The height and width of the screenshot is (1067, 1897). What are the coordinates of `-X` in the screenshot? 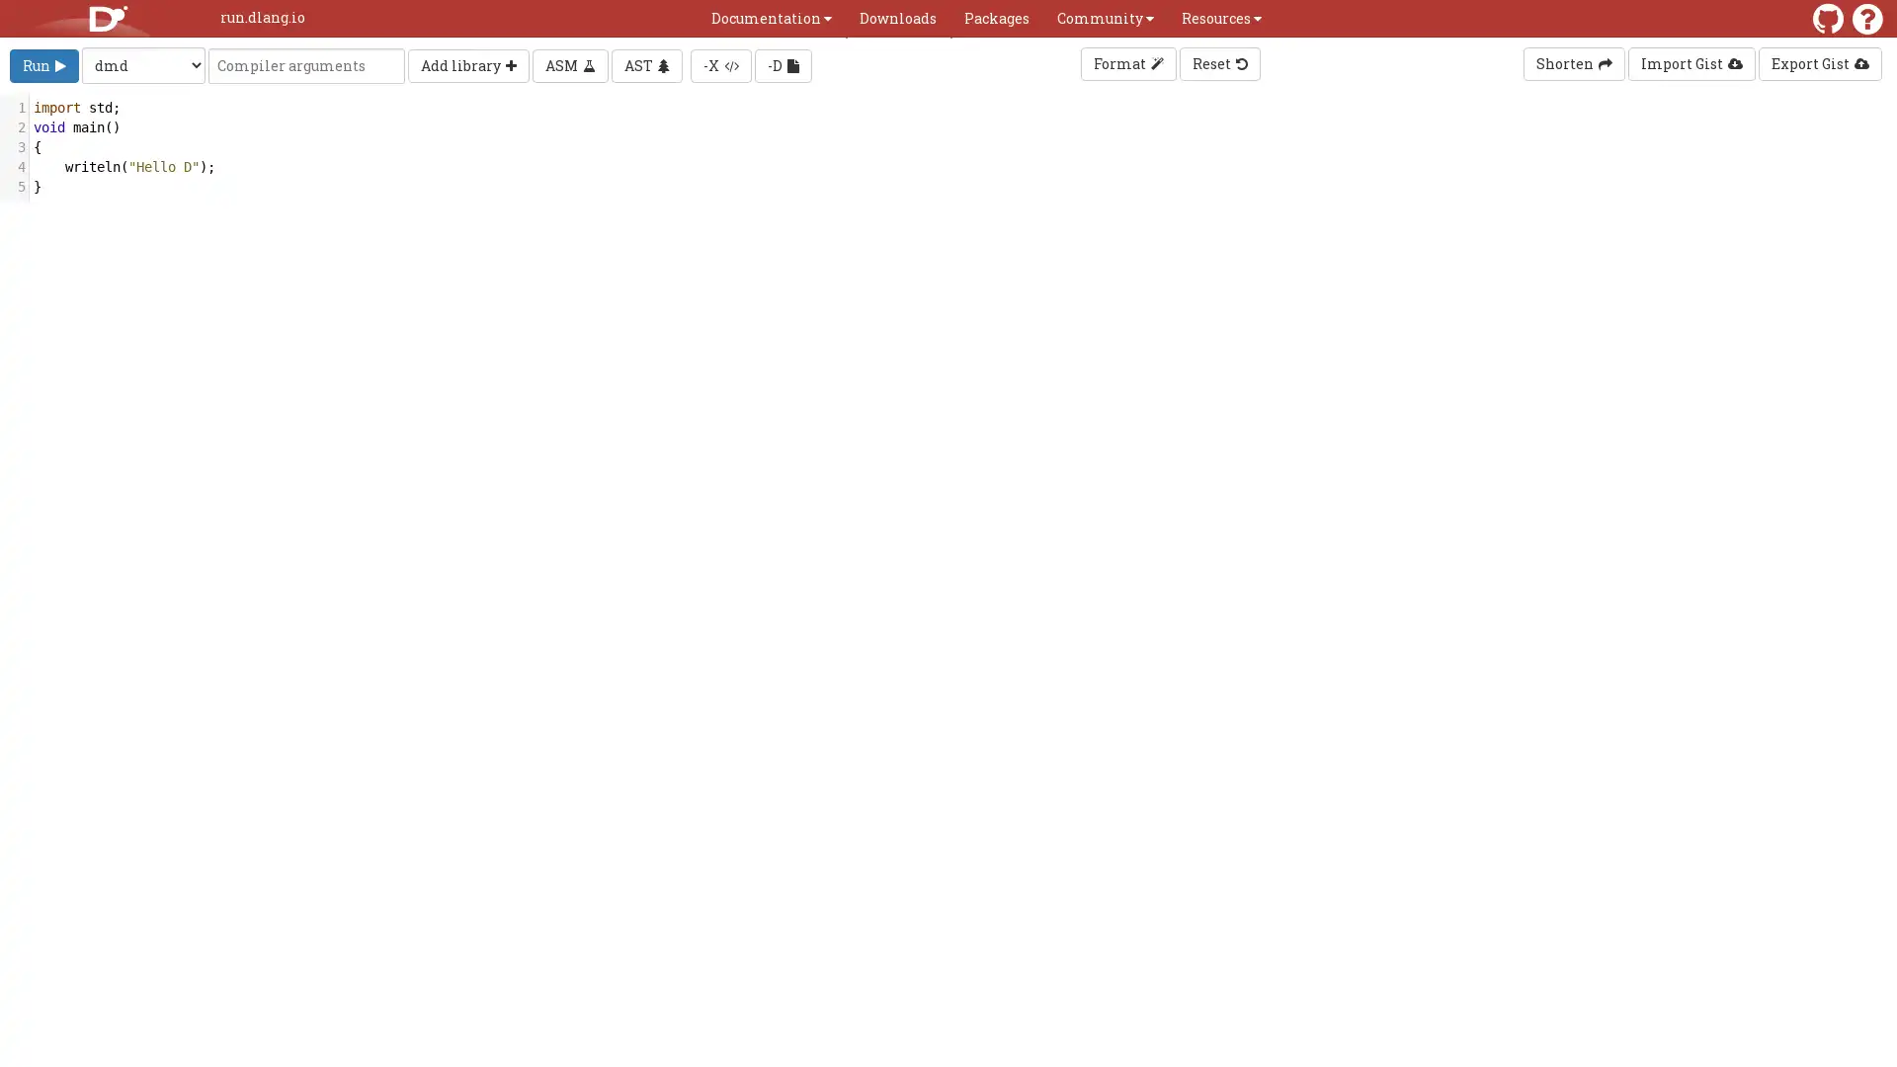 It's located at (719, 63).